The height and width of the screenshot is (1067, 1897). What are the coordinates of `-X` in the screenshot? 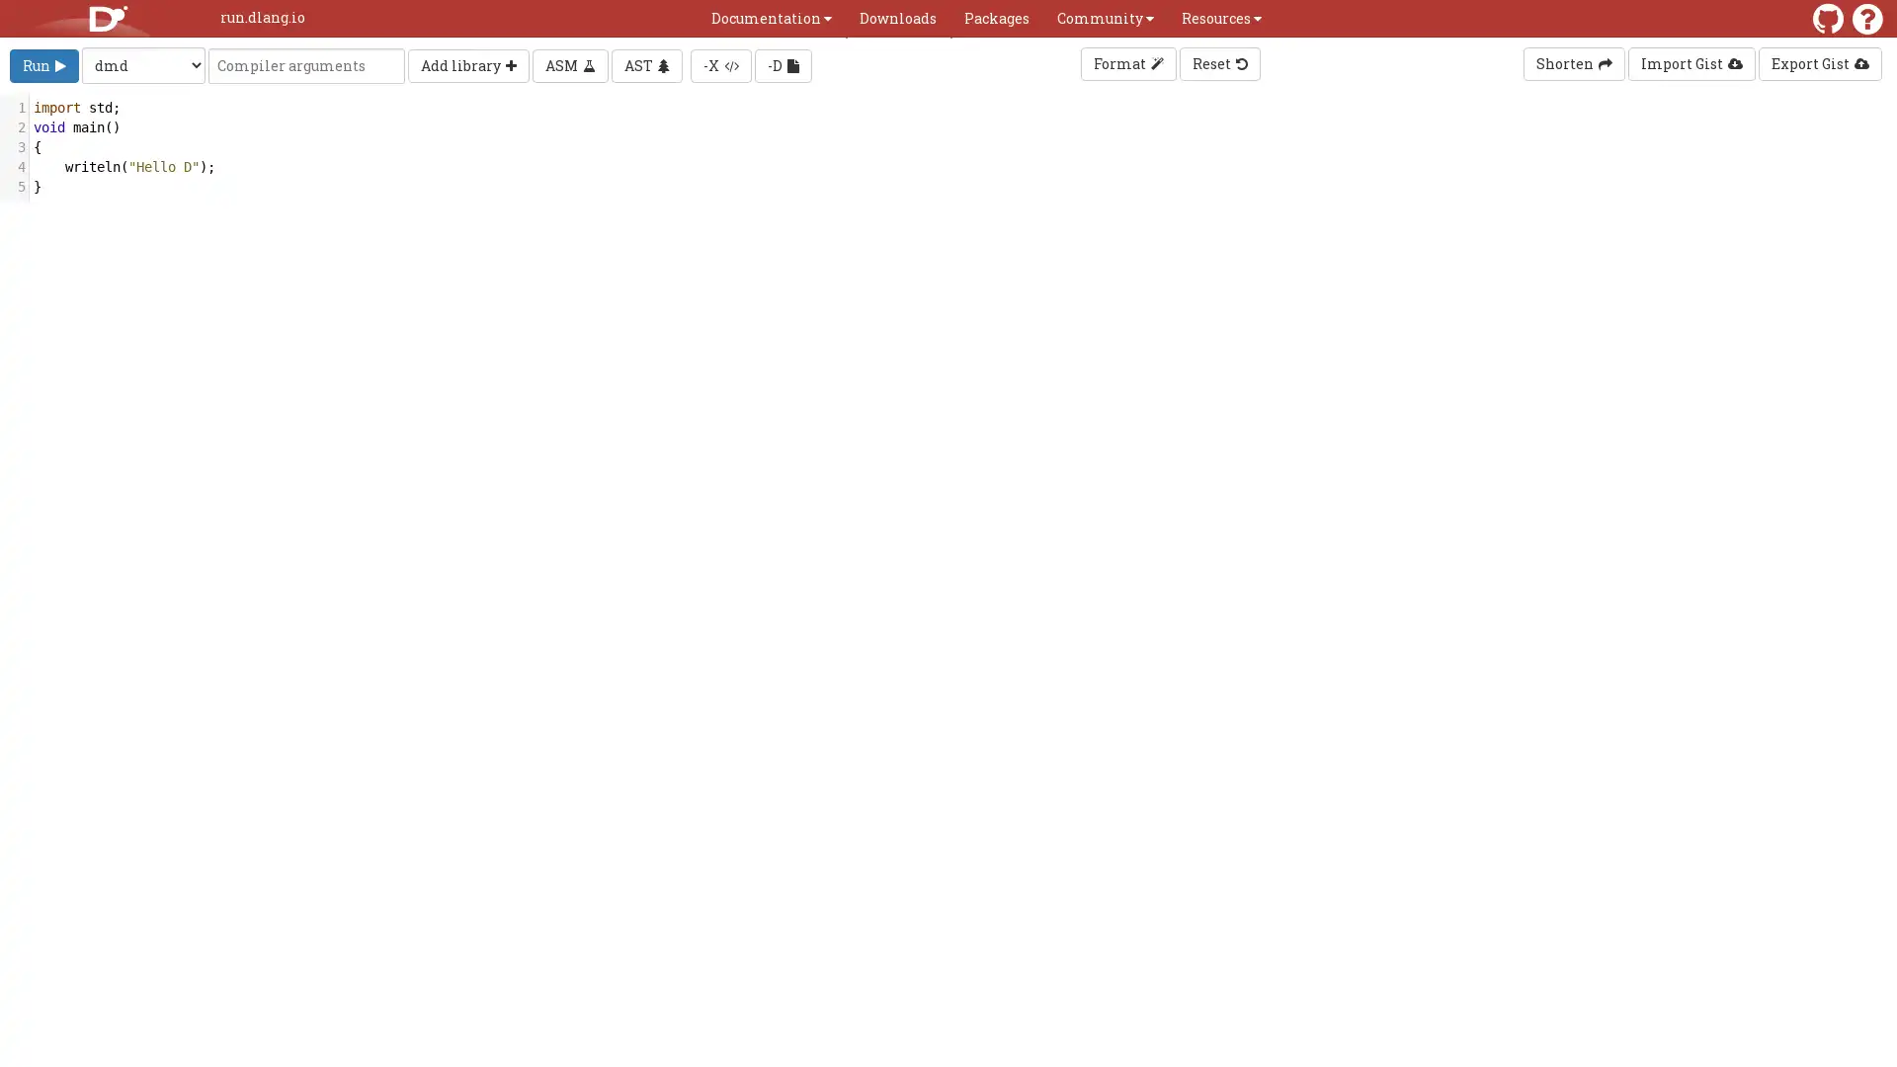 It's located at (719, 63).